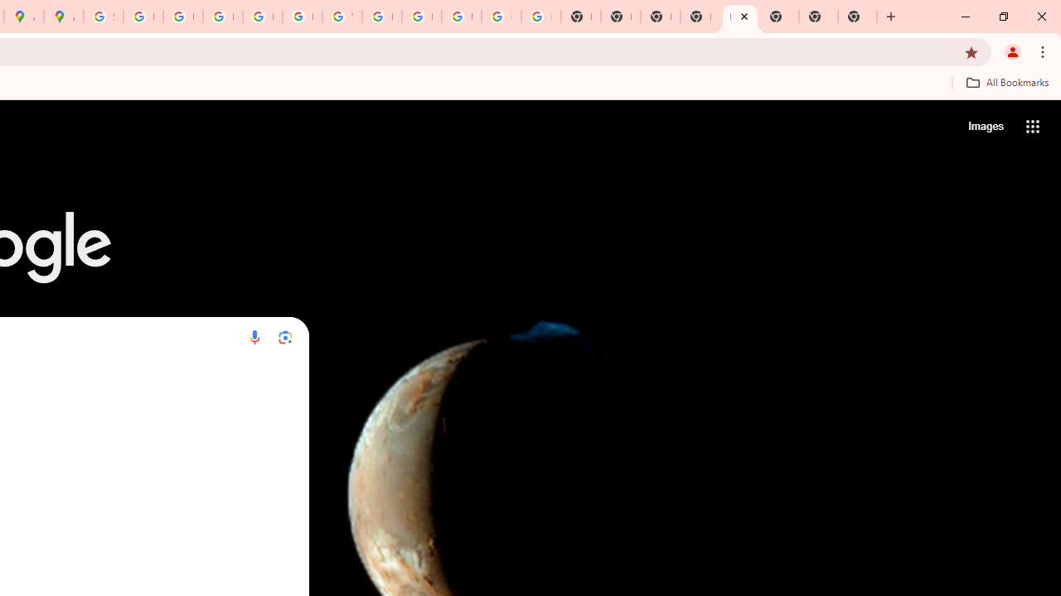 The width and height of the screenshot is (1061, 596). Describe the element at coordinates (739, 17) in the screenshot. I see `'New Tab'` at that location.